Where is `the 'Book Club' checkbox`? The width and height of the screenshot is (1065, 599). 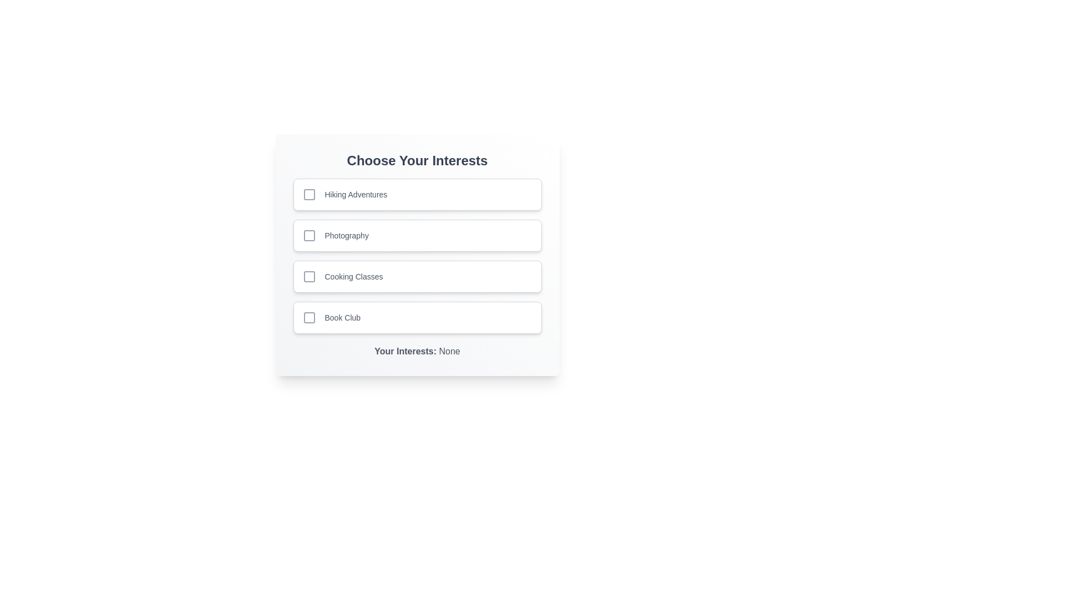
the 'Book Club' checkbox is located at coordinates (417, 318).